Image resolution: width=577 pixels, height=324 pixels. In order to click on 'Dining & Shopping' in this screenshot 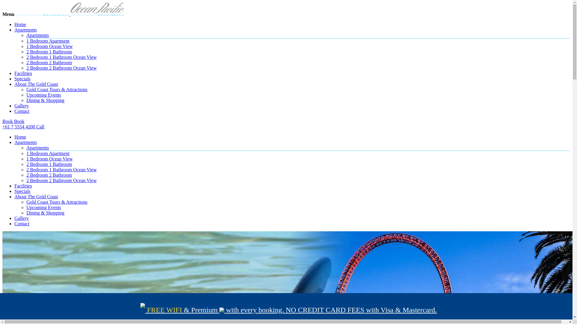, I will do `click(45, 212)`.